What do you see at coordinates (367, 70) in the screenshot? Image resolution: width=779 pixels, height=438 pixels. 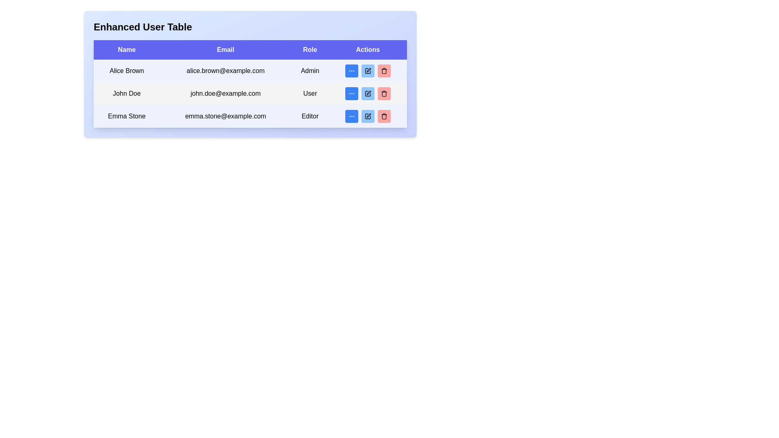 I see `the small light blue button with a pencil icon for keyboard navigation, located in the 'Actions' column of the row labeled 'Alice Brown'` at bounding box center [367, 70].